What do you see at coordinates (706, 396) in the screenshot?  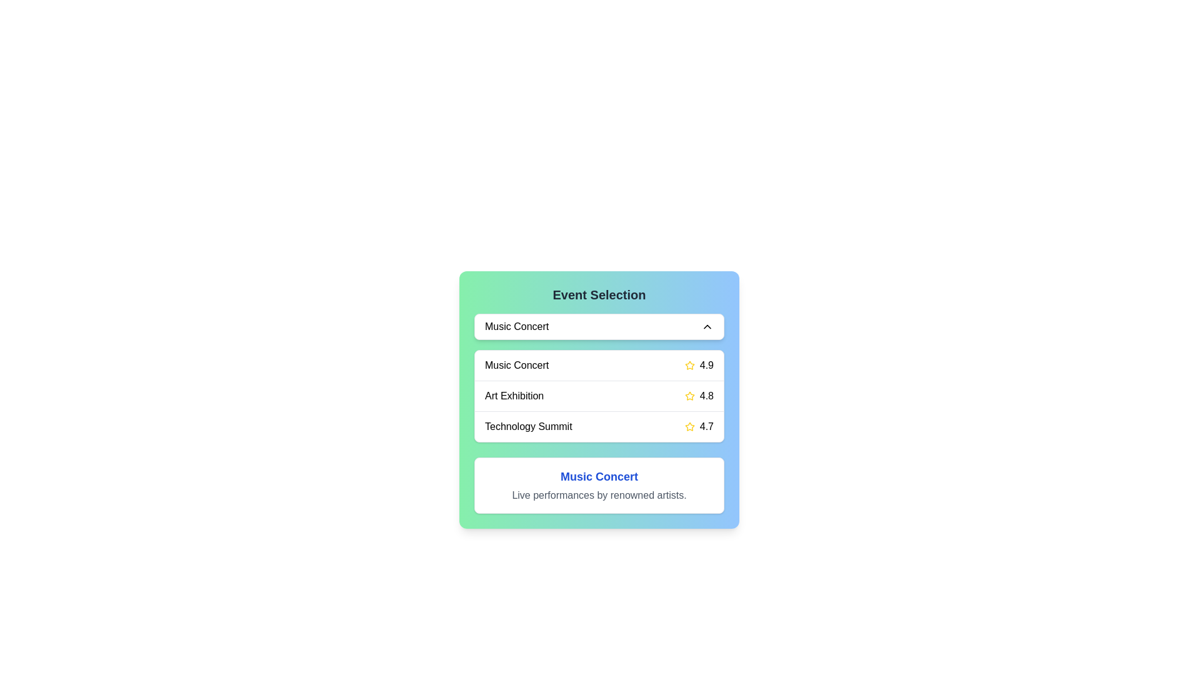 I see `the static text displaying the numerical rating for the 'Art Exhibition' entry, located in the second row of the list to the right of the star icon` at bounding box center [706, 396].